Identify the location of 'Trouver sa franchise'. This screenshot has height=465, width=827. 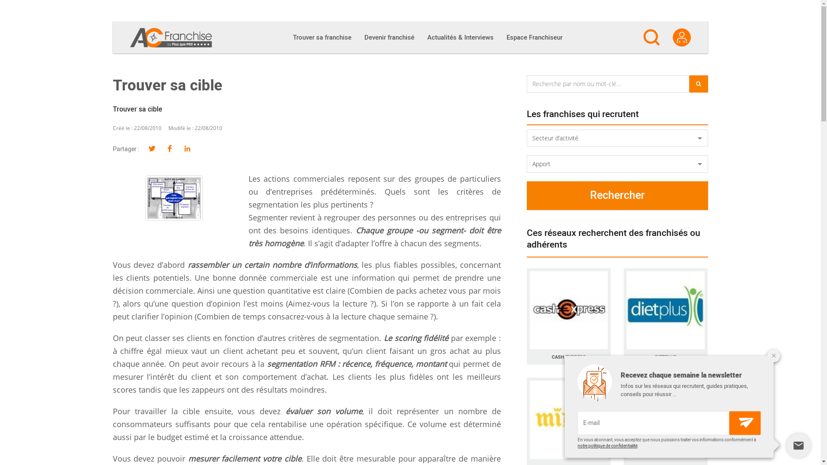
(321, 37).